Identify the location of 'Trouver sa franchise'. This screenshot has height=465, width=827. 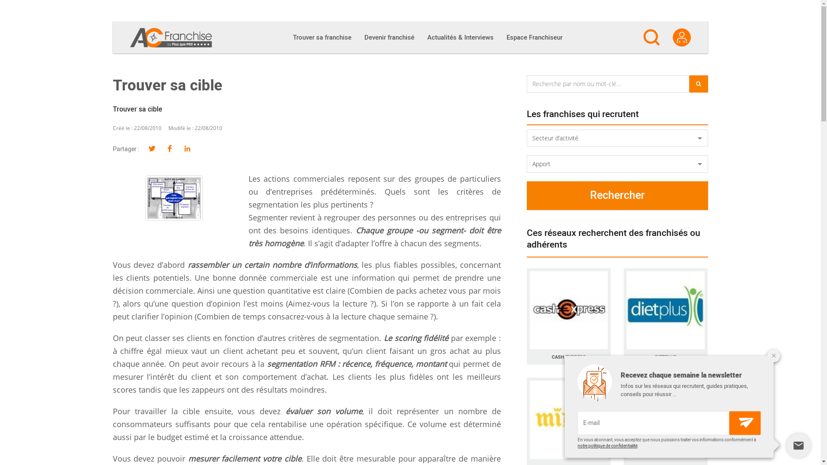
(321, 37).